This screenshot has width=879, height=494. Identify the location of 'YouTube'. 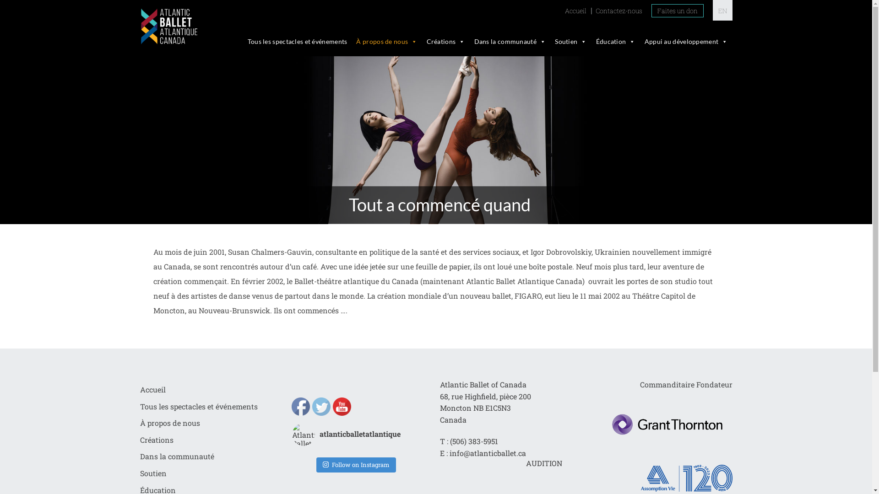
(342, 406).